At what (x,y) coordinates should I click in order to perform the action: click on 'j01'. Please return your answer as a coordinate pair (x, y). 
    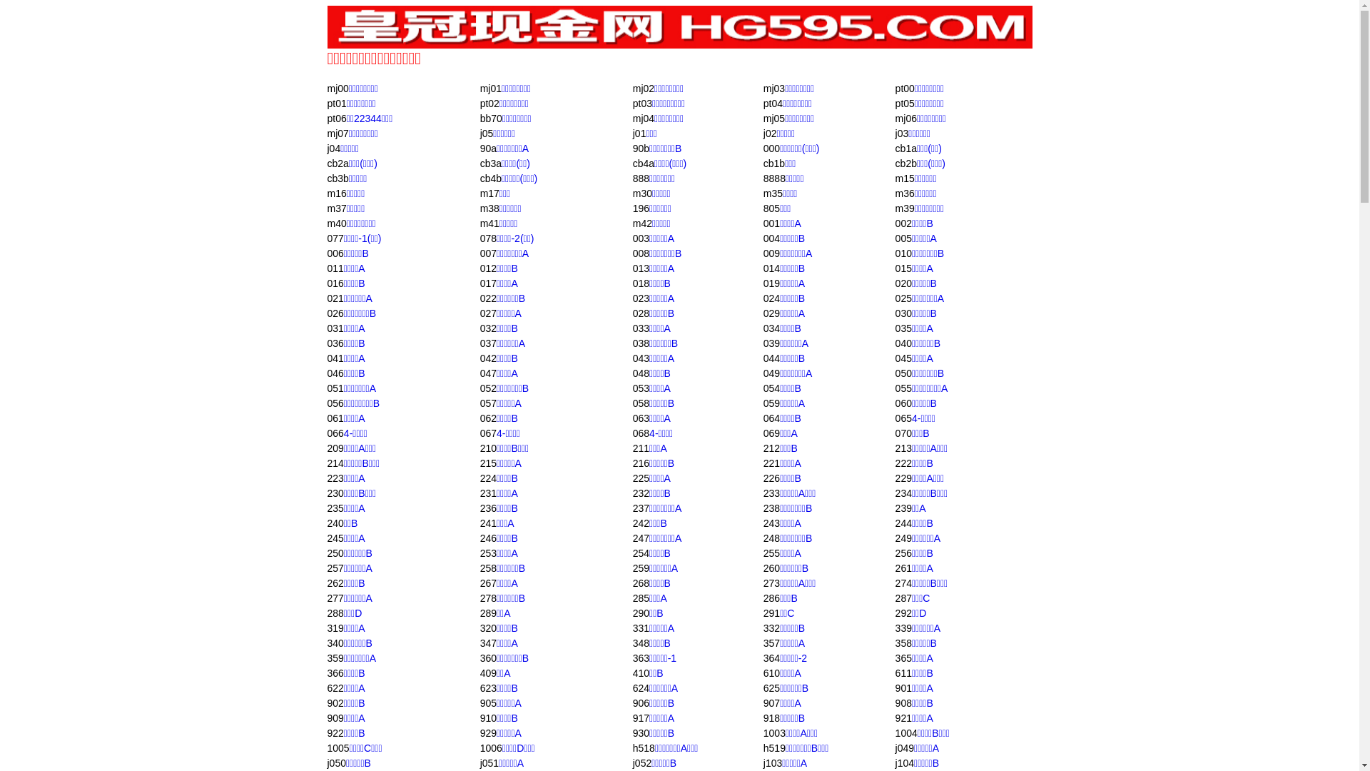
    Looking at the image, I should click on (639, 133).